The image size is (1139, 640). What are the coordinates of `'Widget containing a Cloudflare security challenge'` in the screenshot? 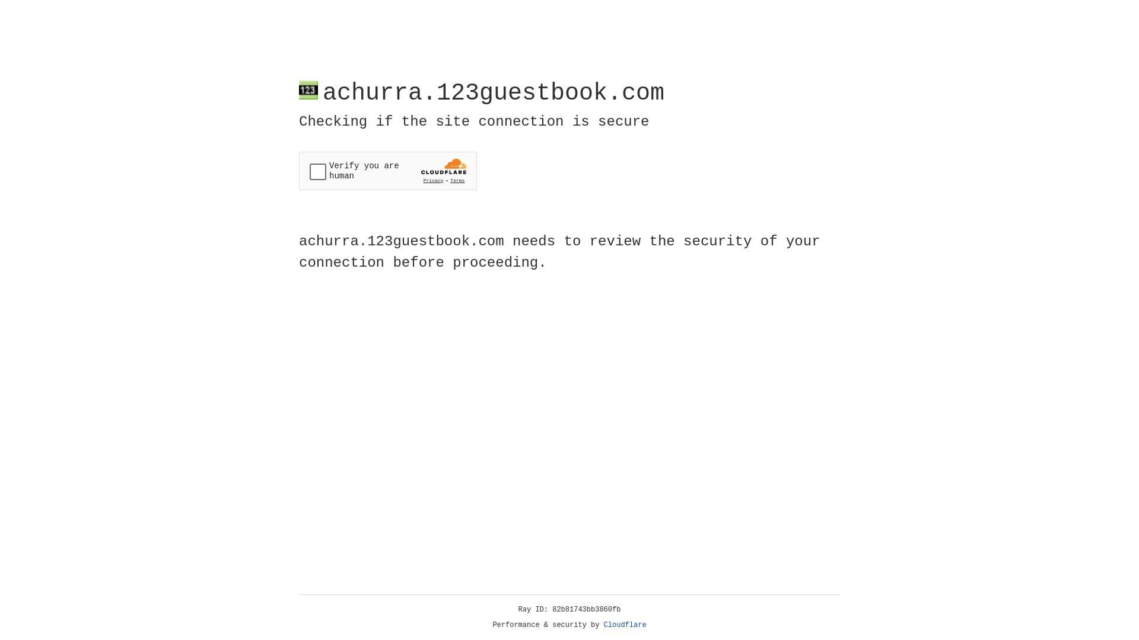 It's located at (387, 171).